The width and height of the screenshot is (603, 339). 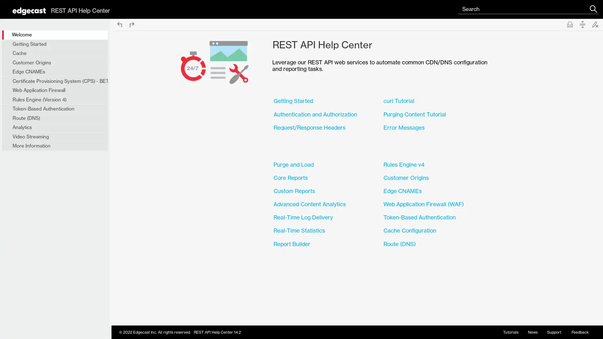 What do you see at coordinates (582, 24) in the screenshot?
I see `expand all` at bounding box center [582, 24].